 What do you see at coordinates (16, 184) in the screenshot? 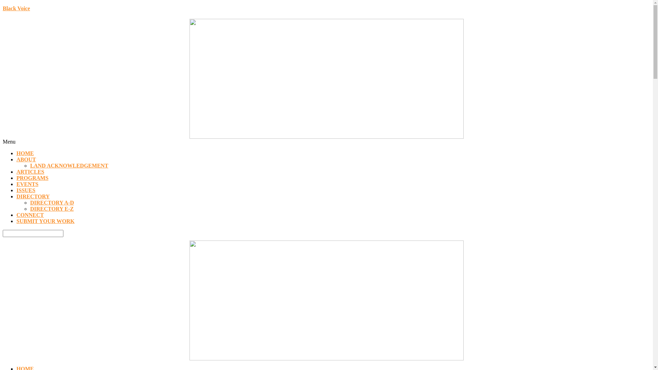
I see `'EVENTS'` at bounding box center [16, 184].